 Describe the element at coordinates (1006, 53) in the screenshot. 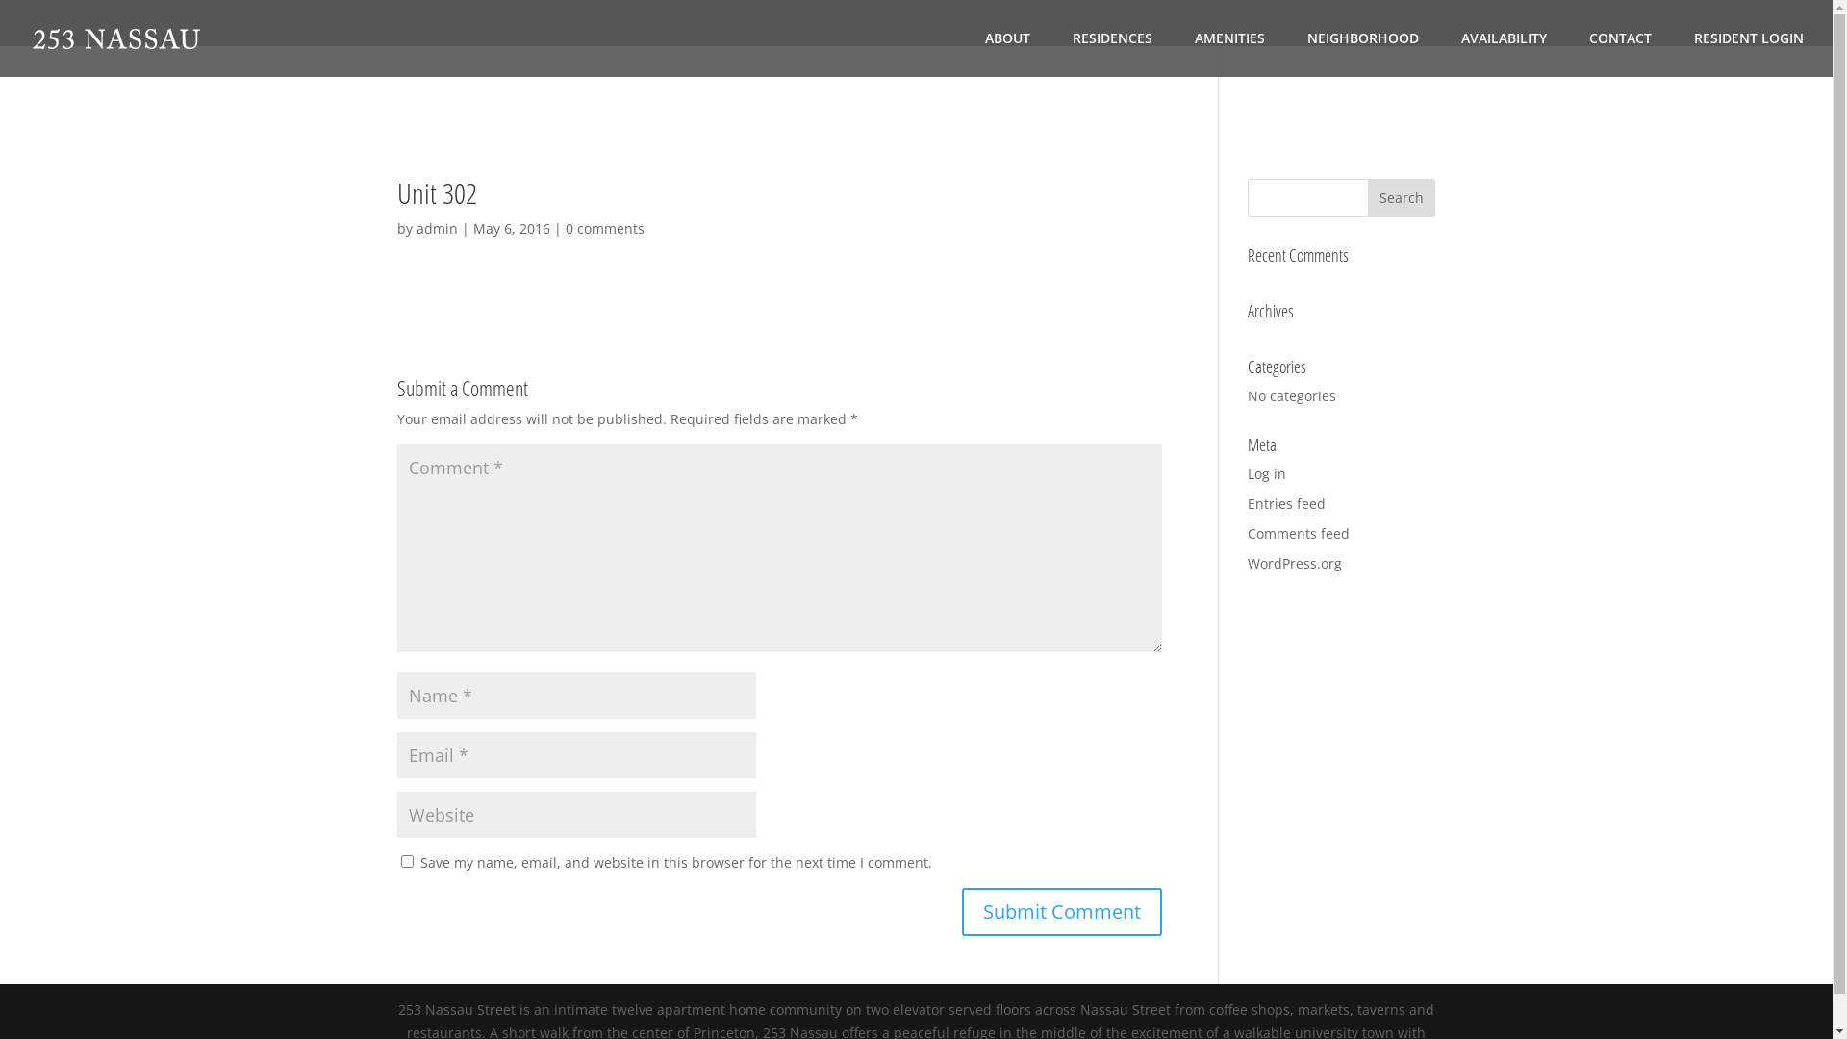

I see `'ABOUT'` at that location.